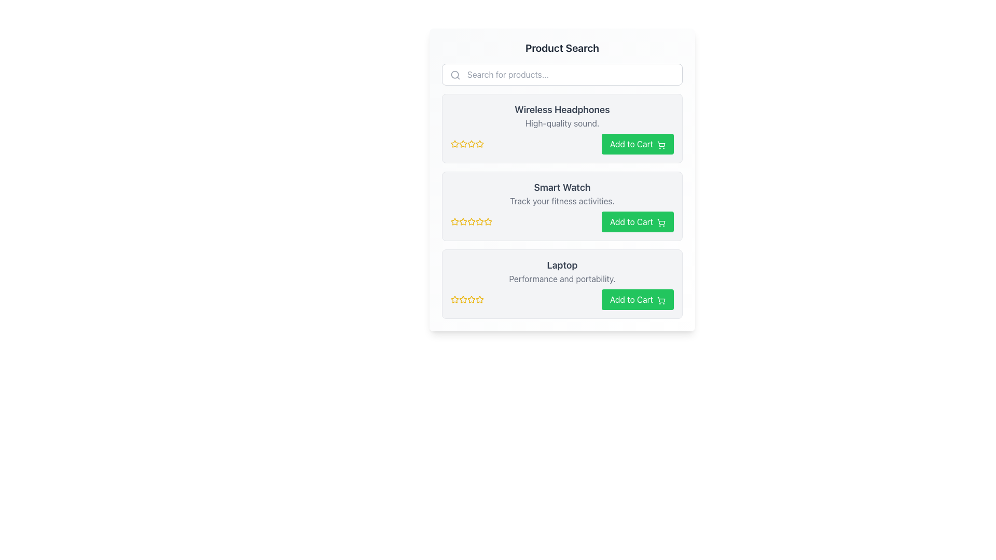  Describe the element at coordinates (462, 300) in the screenshot. I see `the second yellow star icon in the rating area for the 'Laptop' product entry` at that location.